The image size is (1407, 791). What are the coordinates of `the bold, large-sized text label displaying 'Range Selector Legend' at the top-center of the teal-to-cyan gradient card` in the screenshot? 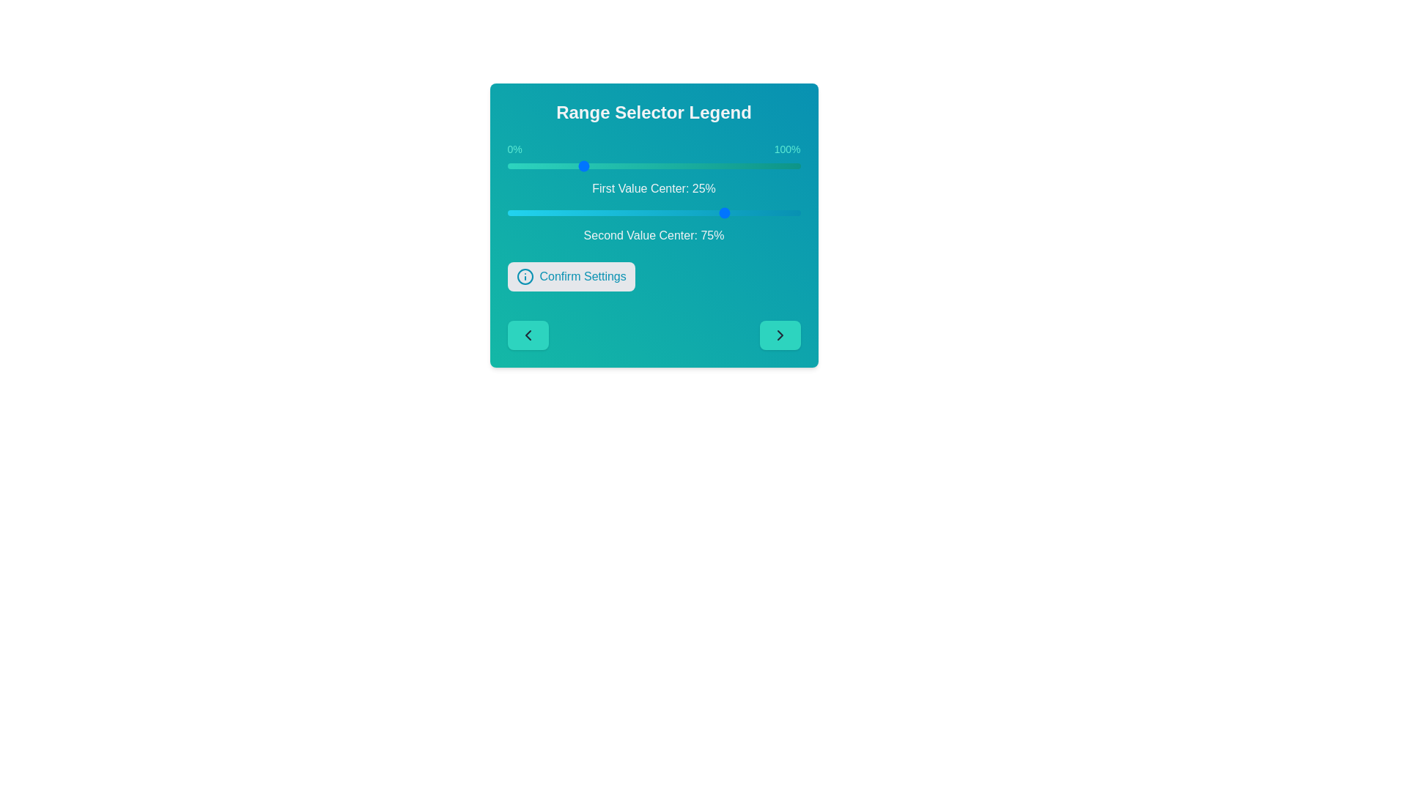 It's located at (653, 112).